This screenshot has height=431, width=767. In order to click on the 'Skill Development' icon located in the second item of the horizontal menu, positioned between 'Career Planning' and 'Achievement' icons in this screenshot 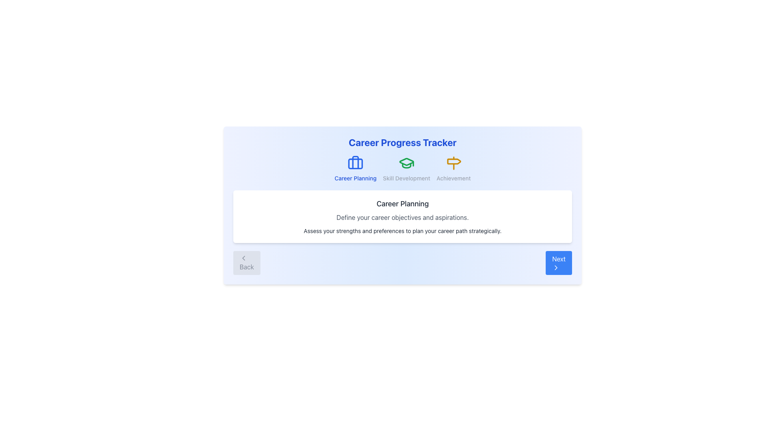, I will do `click(406, 162)`.